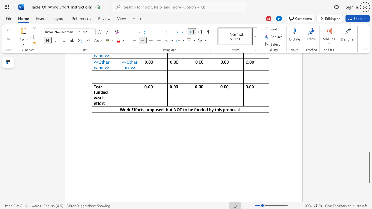 The width and height of the screenshot is (372, 209). I want to click on the scrollbar on the right to move the page upward, so click(369, 69).